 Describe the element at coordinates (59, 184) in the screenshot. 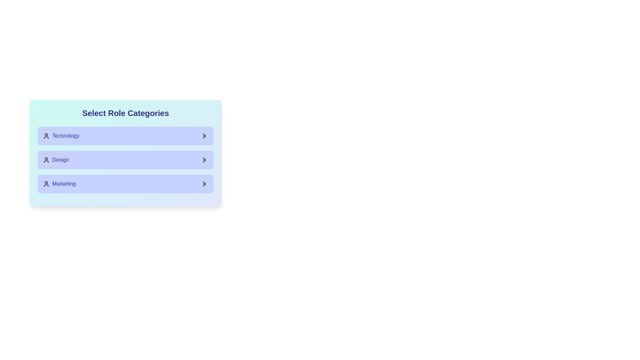

I see `the 'Marketing' selectable list item or button, which is the last item in a vertically stacked list` at that location.